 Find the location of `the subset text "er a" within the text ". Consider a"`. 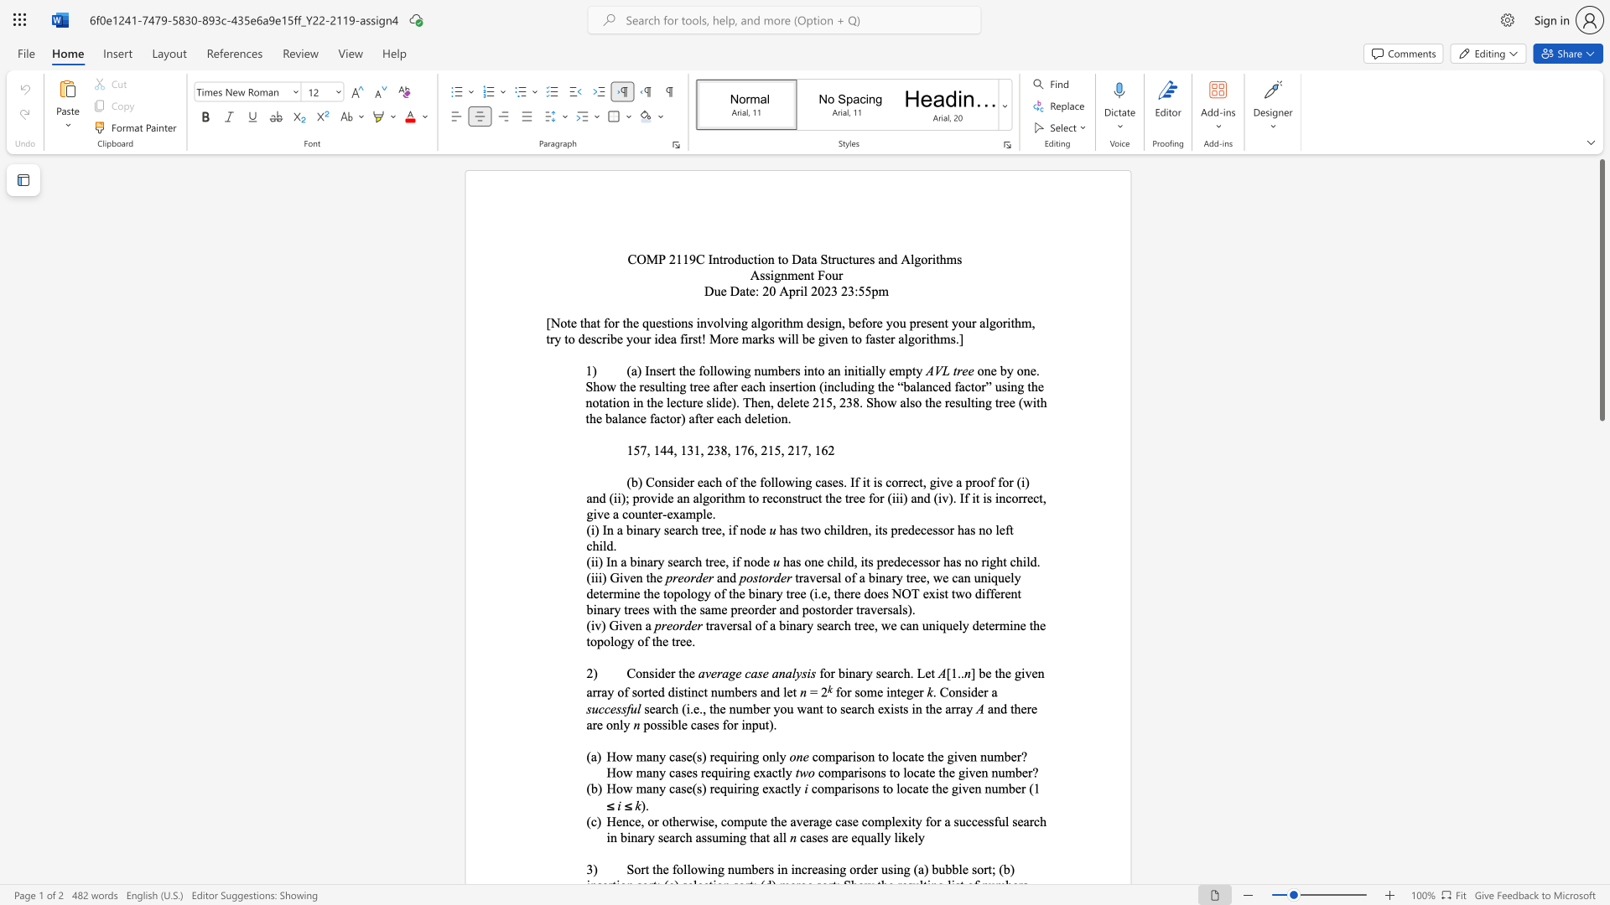

the subset text "er a" within the text ". Consider a" is located at coordinates (978, 692).